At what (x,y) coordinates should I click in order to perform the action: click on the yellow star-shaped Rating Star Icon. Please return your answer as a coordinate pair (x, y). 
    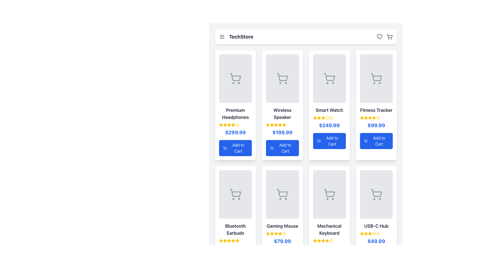
    Looking at the image, I should click on (225, 240).